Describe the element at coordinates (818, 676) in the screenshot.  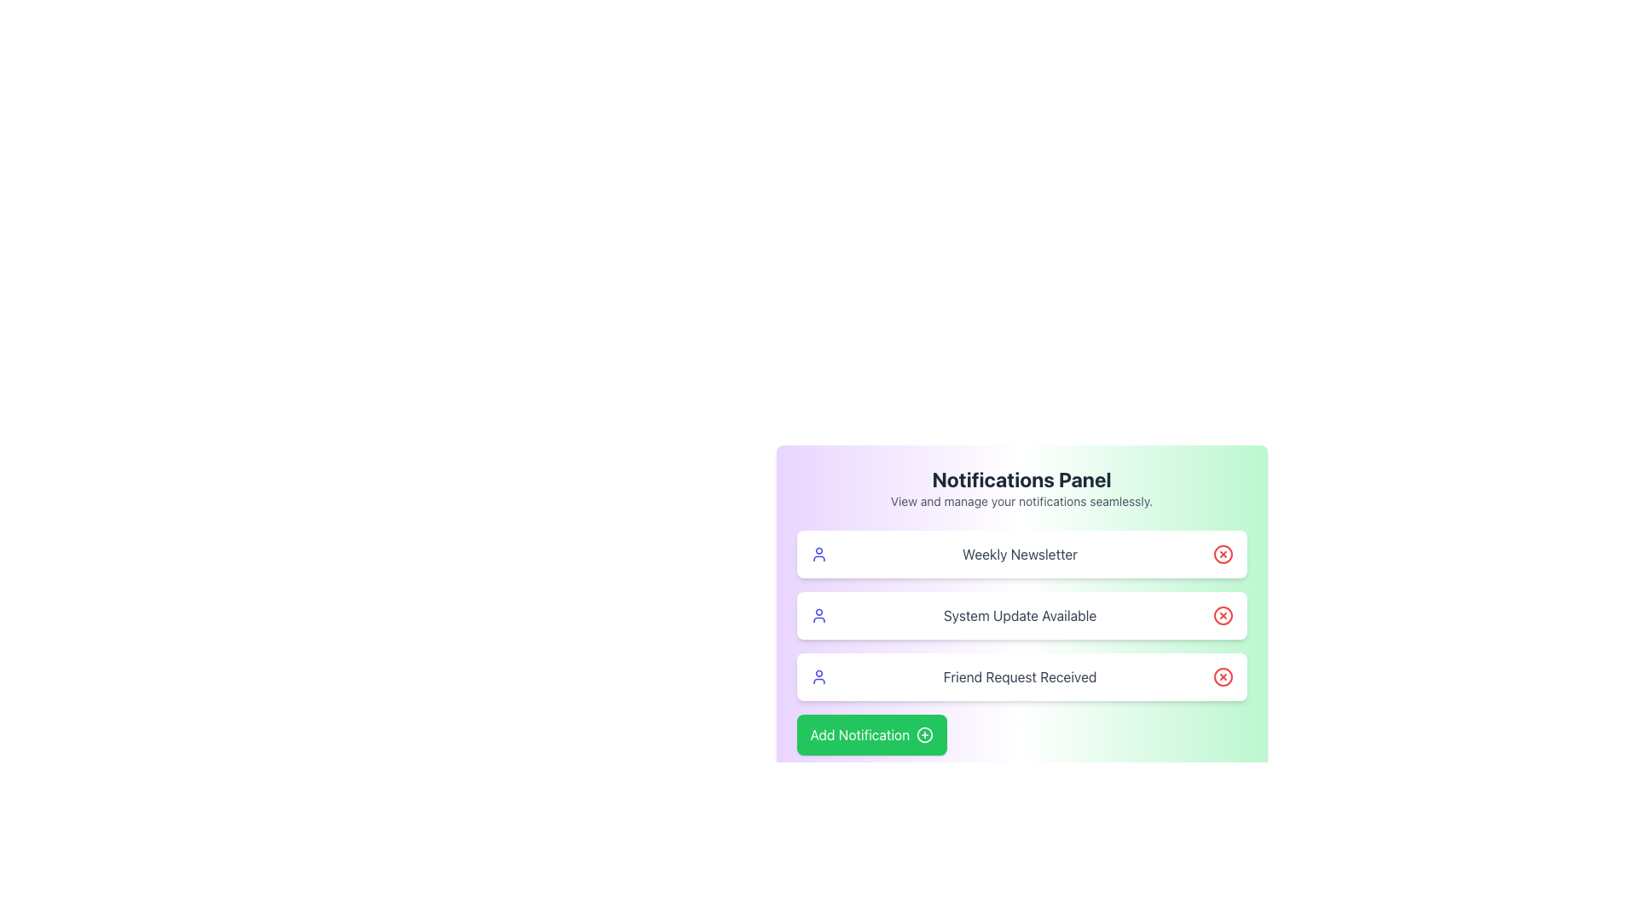
I see `the user icon element that represents notifications for friend requests, located at the far left of the 'Friend Request Received' notification item` at that location.